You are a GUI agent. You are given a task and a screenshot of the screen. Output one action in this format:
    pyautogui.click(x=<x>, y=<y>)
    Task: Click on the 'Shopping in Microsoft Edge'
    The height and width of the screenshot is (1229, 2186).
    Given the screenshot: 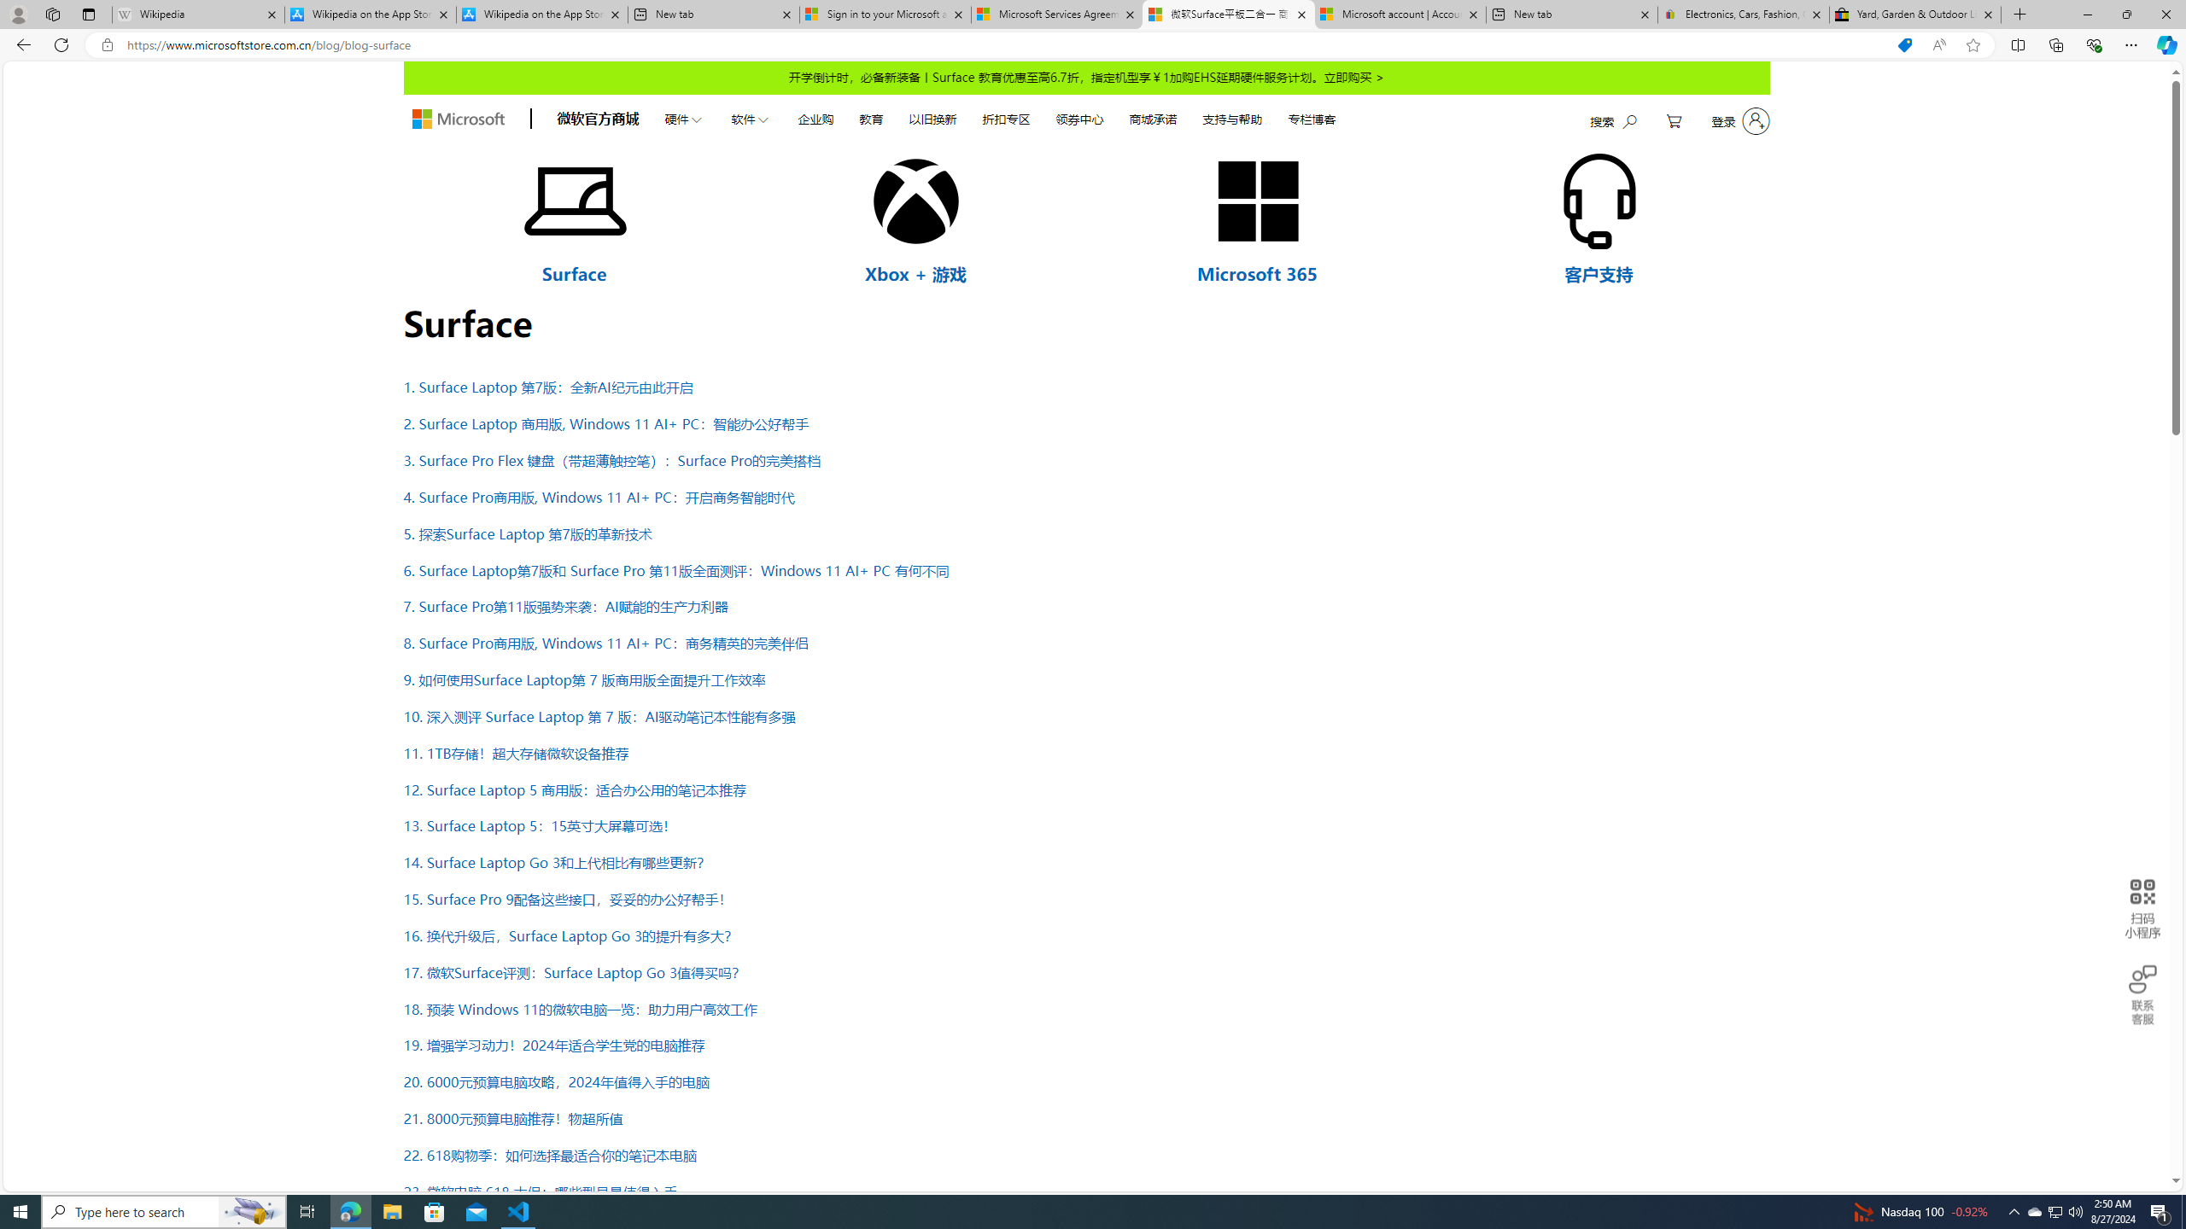 What is the action you would take?
    pyautogui.click(x=1904, y=45)
    